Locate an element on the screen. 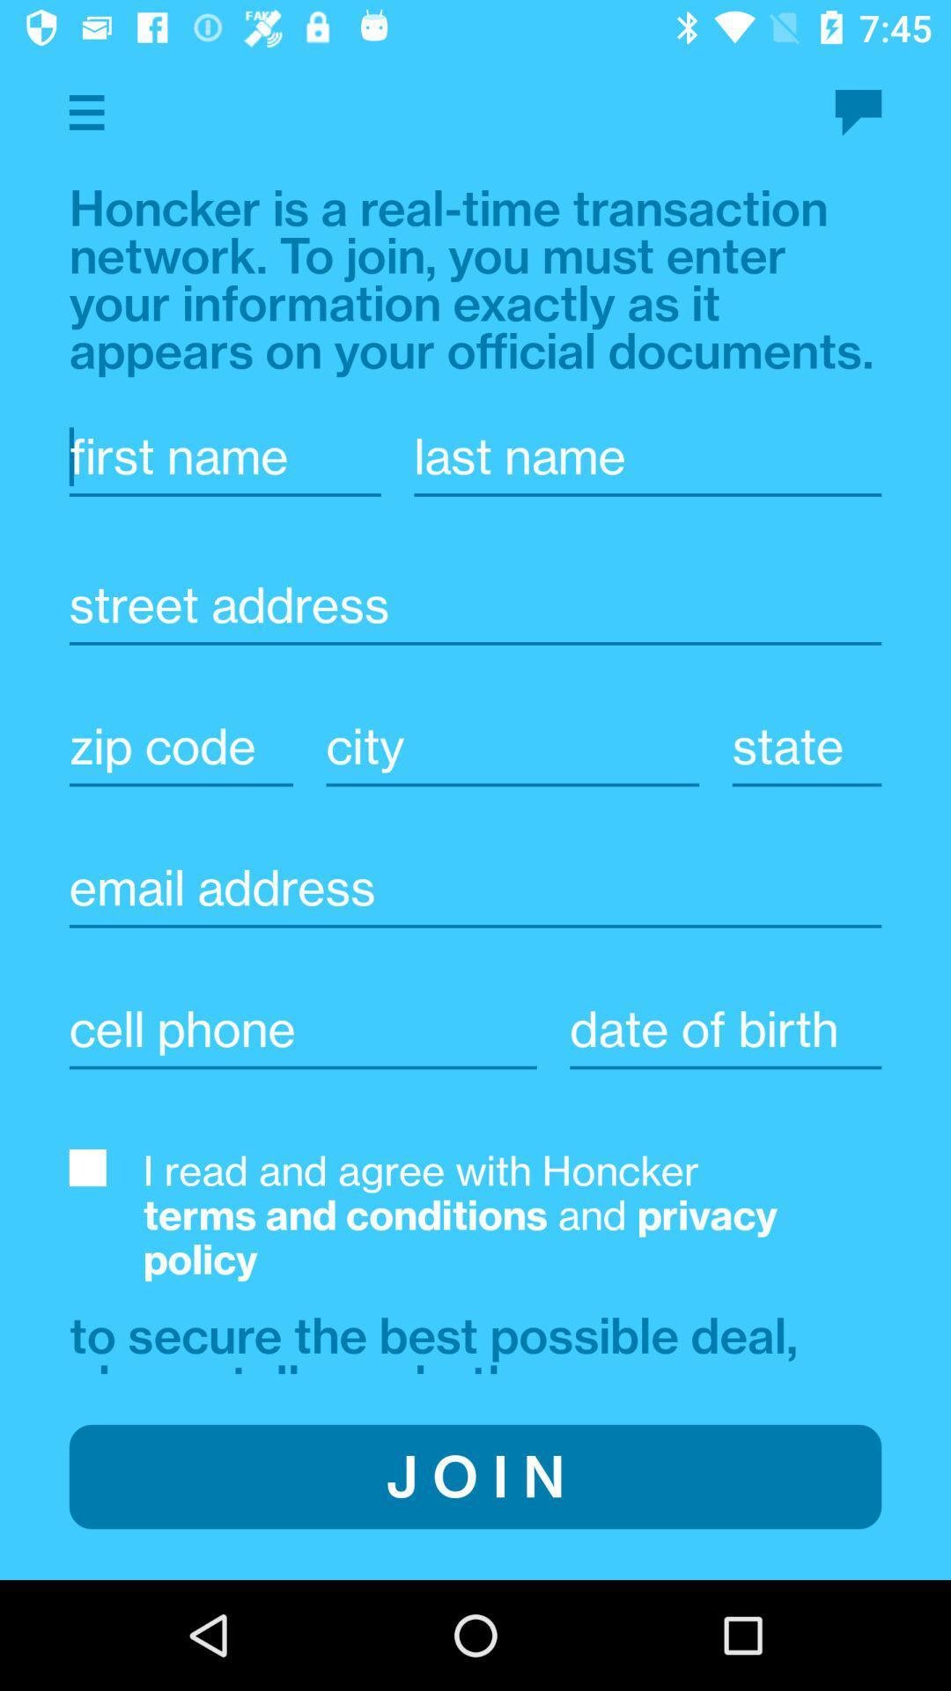  agree to t c is located at coordinates (87, 1167).